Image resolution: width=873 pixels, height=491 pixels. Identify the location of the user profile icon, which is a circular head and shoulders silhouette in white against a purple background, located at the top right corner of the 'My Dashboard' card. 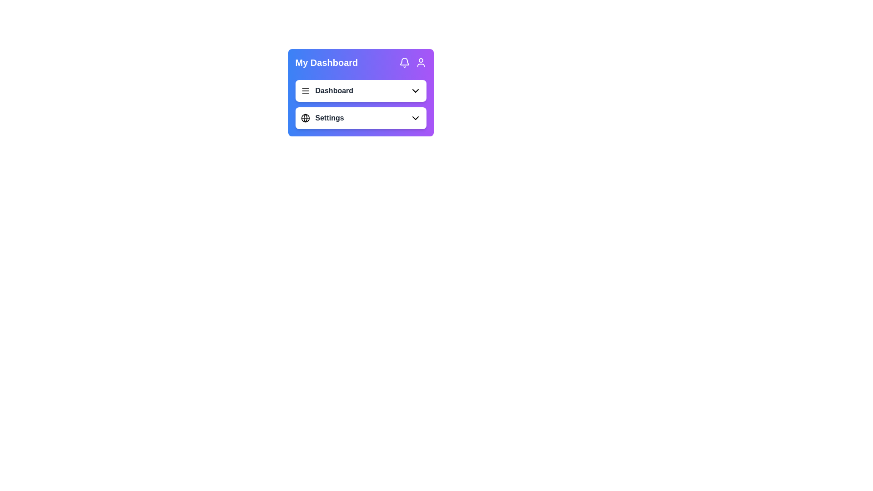
(420, 62).